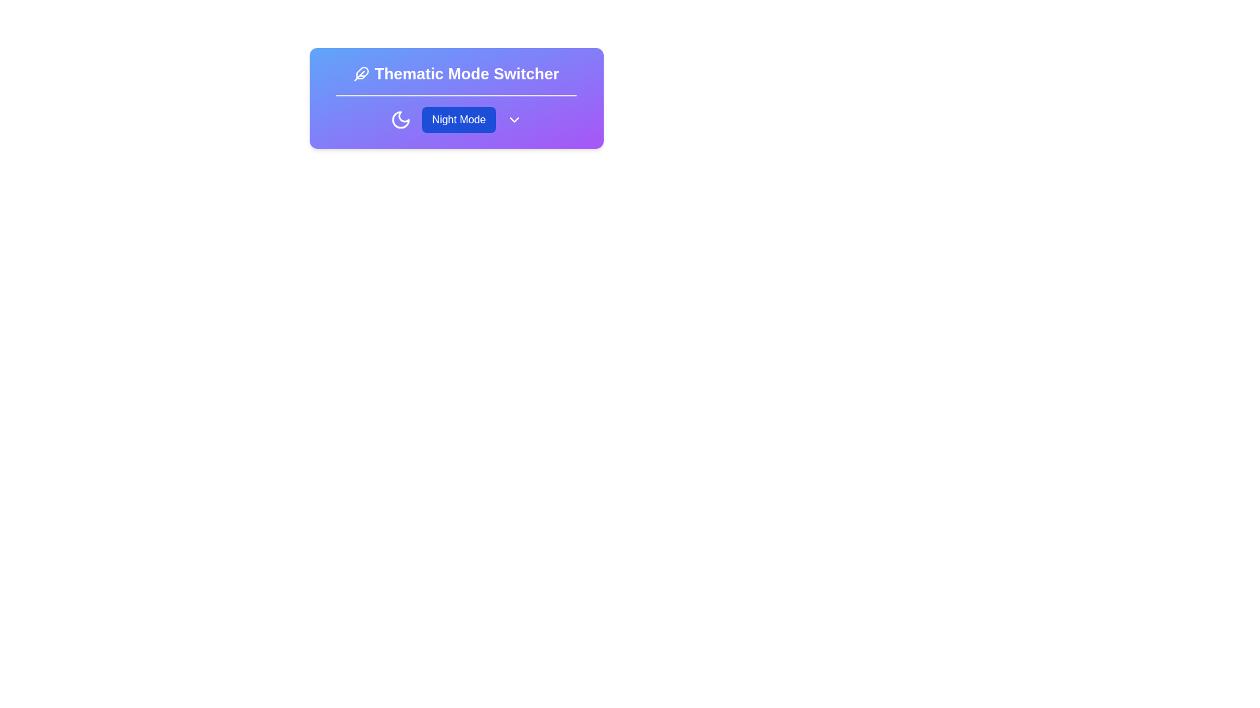 This screenshot has height=708, width=1260. I want to click on the crescent moon icon located next to the 'Night Mode' button, so click(400, 119).